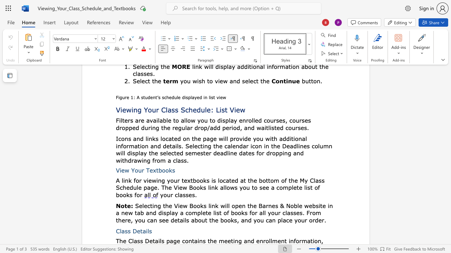 This screenshot has height=253, width=451. I want to click on the 2th character "l" in the text, so click(160, 240).